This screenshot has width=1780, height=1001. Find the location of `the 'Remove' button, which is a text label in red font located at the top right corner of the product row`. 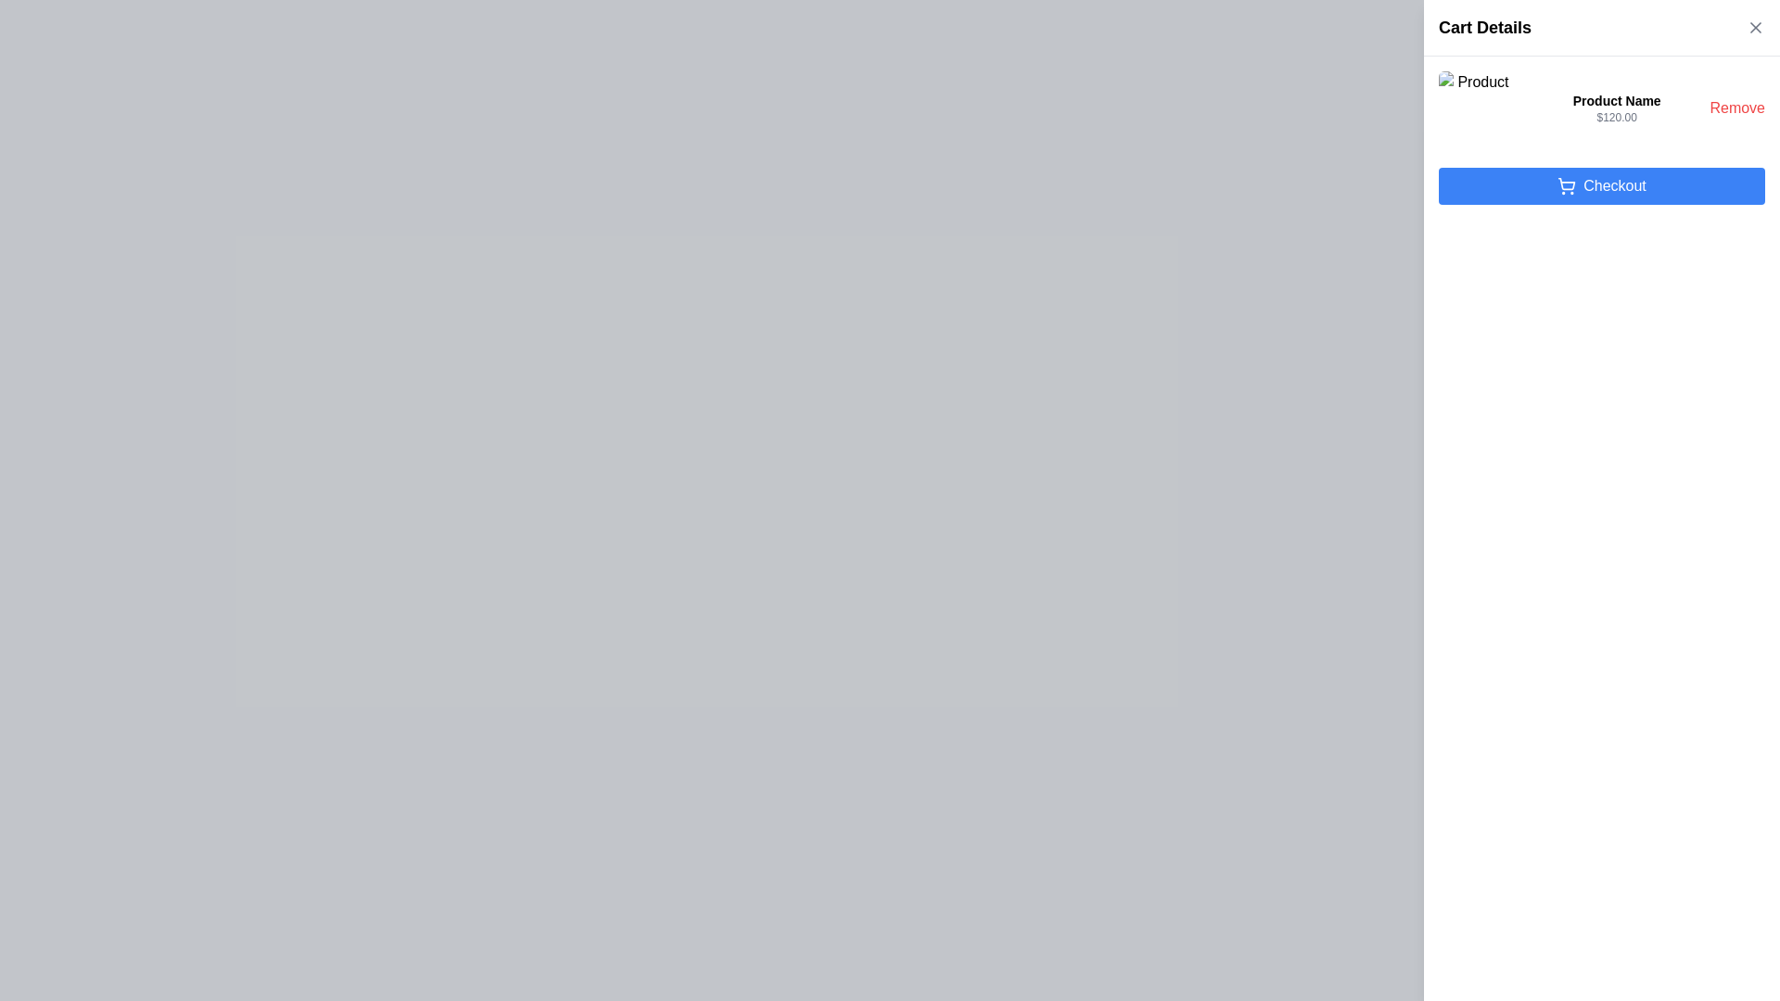

the 'Remove' button, which is a text label in red font located at the top right corner of the product row is located at coordinates (1736, 108).